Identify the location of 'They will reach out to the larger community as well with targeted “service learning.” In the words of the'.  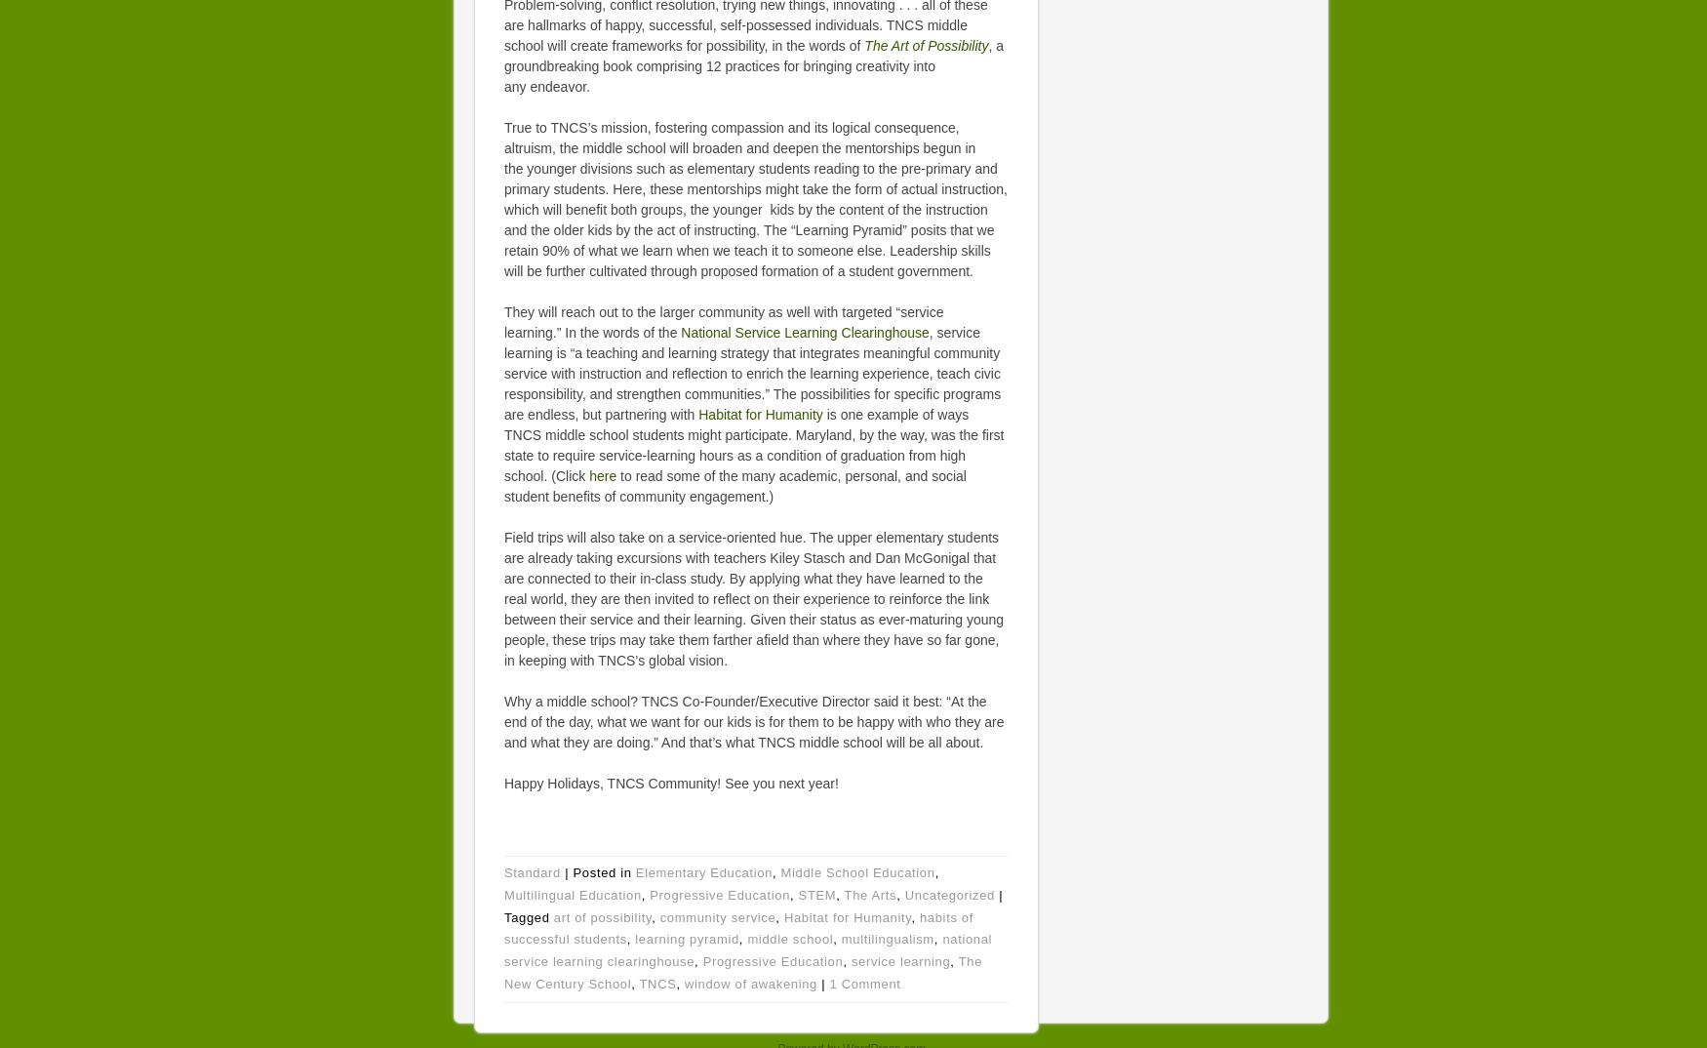
(724, 321).